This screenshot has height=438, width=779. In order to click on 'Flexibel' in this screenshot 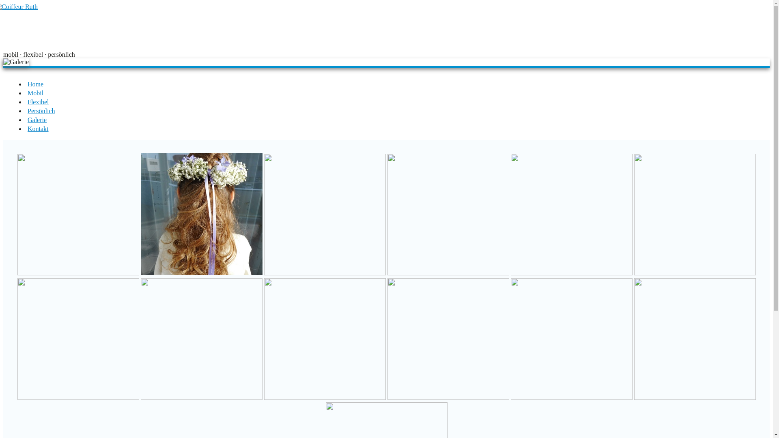, I will do `click(38, 101)`.